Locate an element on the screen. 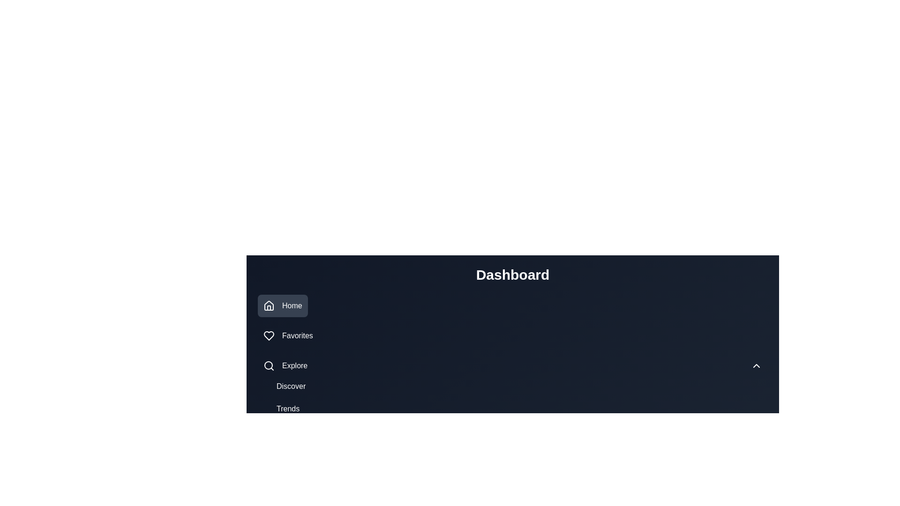 The height and width of the screenshot is (506, 900). the 'Explore' text label in the vertical navigation menu, which is styled in white on a dark background and is part of a search button group with a magnifying glass icon to its left is located at coordinates (294, 365).